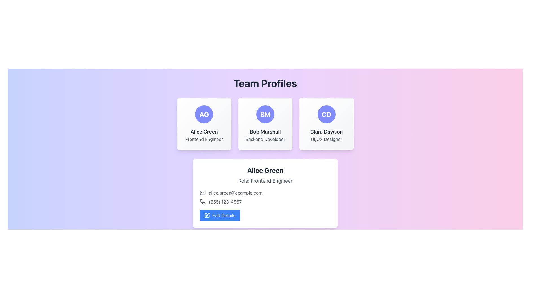 The height and width of the screenshot is (305, 542). What do you see at coordinates (265, 124) in the screenshot?
I see `the central user profile card displaying the user's initials, name, and role within the system` at bounding box center [265, 124].